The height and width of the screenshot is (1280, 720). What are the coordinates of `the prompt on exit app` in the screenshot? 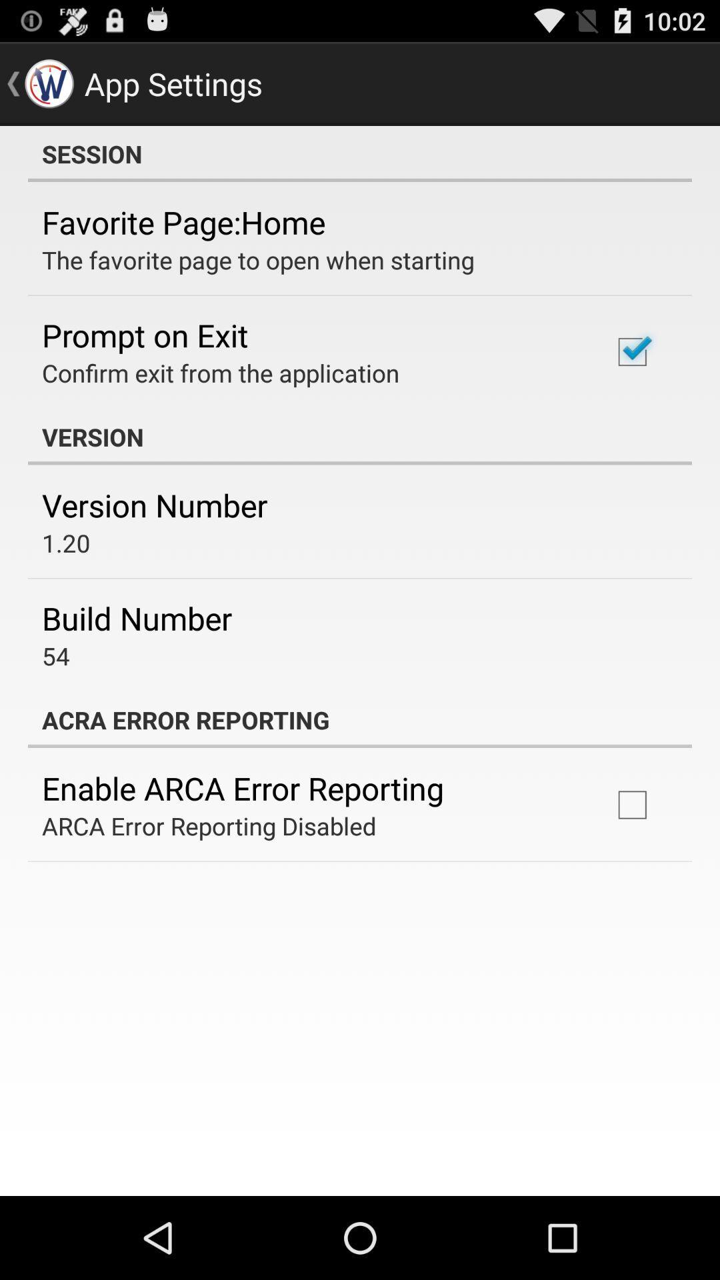 It's located at (145, 335).